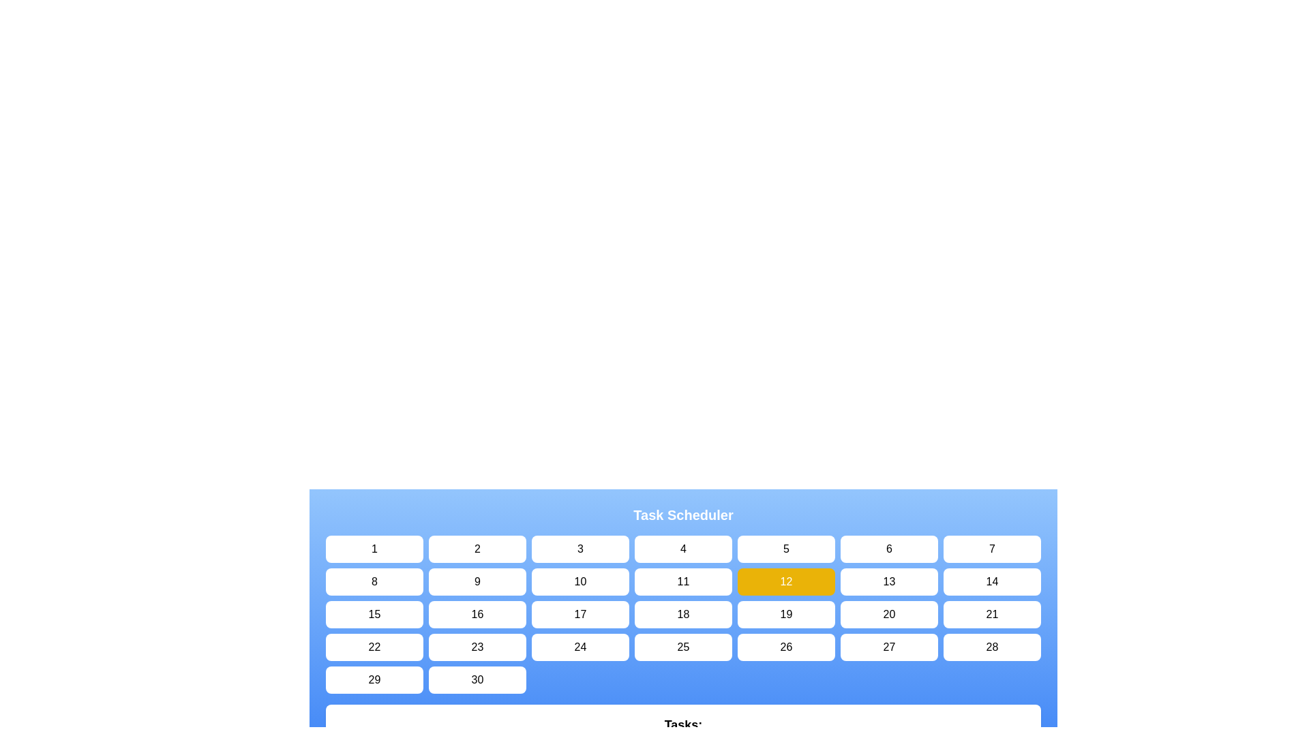 Image resolution: width=1309 pixels, height=736 pixels. What do you see at coordinates (683, 581) in the screenshot?
I see `the rectangular button with the number '11'` at bounding box center [683, 581].